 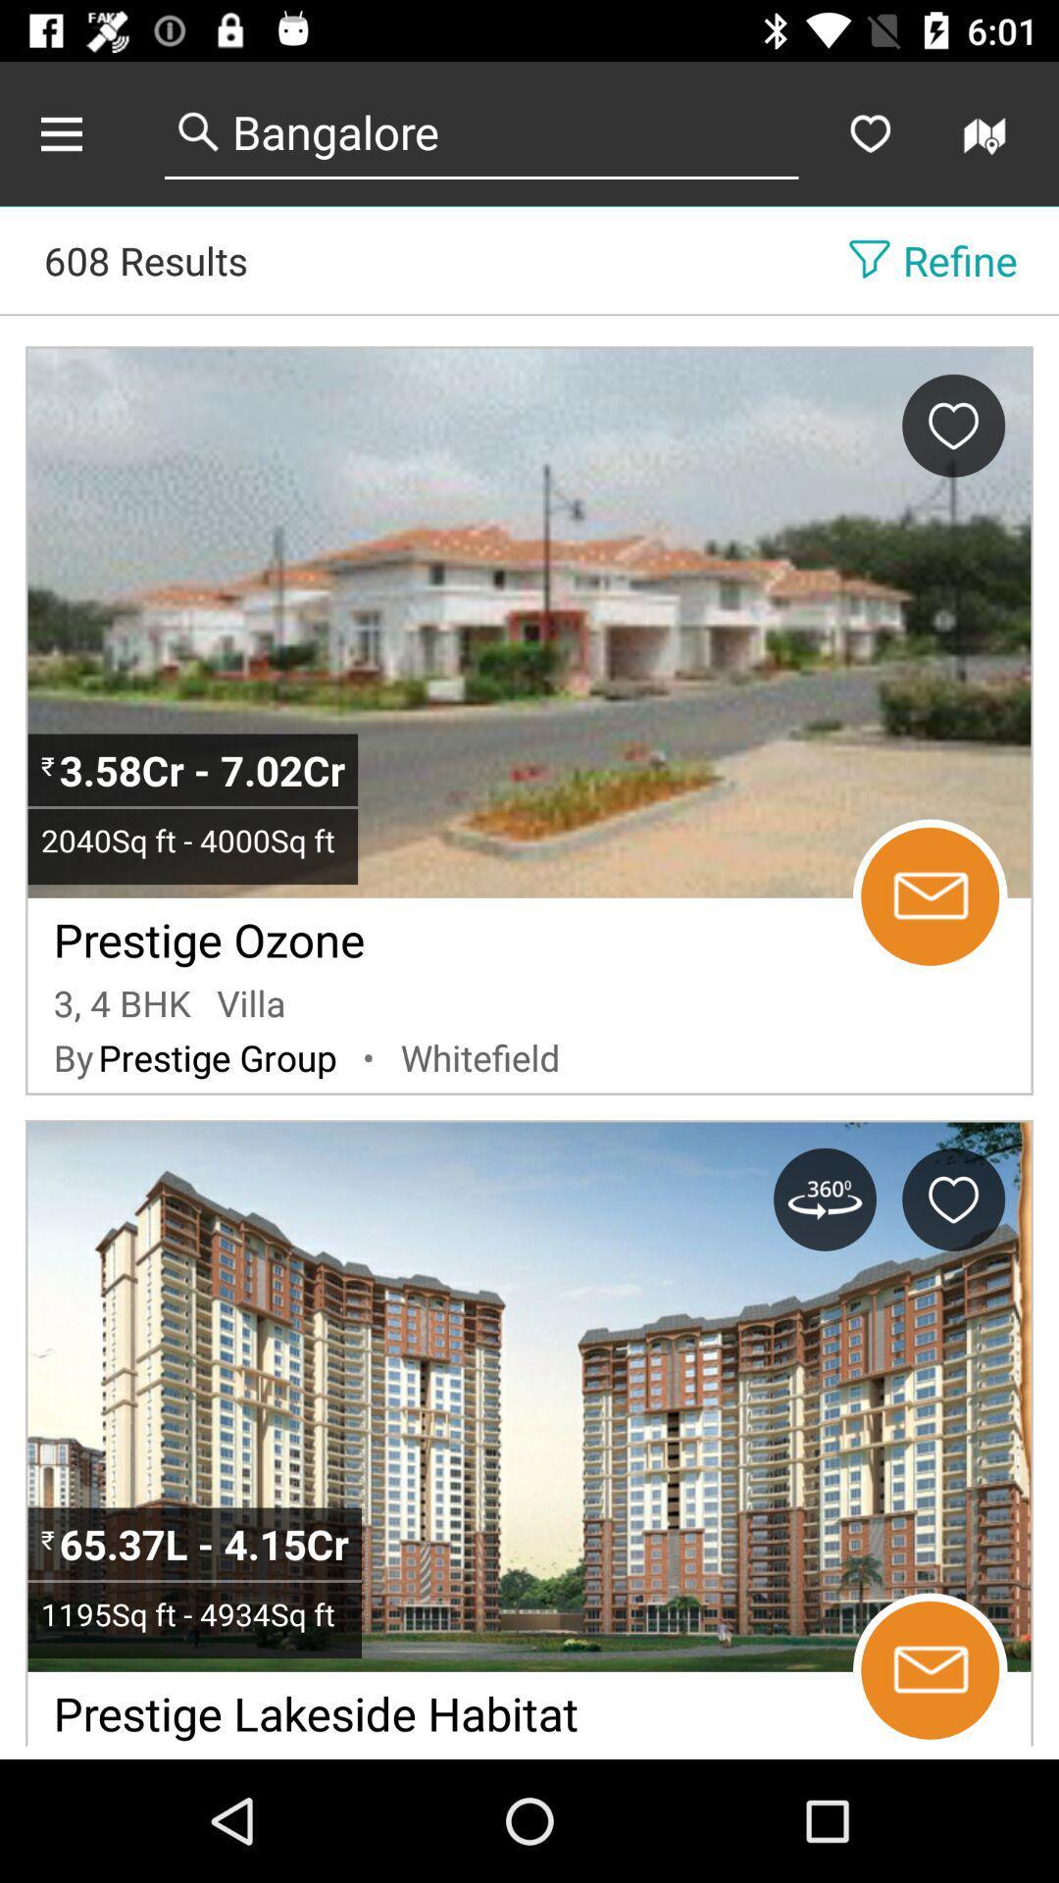 I want to click on love reaction, so click(x=952, y=425).